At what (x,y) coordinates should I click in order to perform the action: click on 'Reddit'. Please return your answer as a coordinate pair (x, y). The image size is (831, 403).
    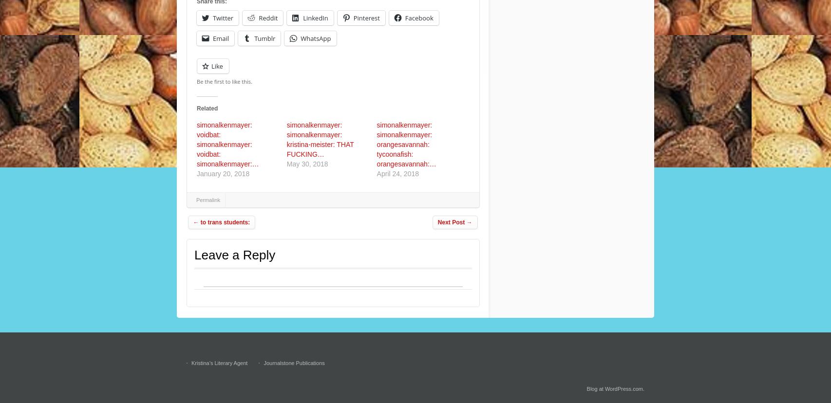
    Looking at the image, I should click on (267, 18).